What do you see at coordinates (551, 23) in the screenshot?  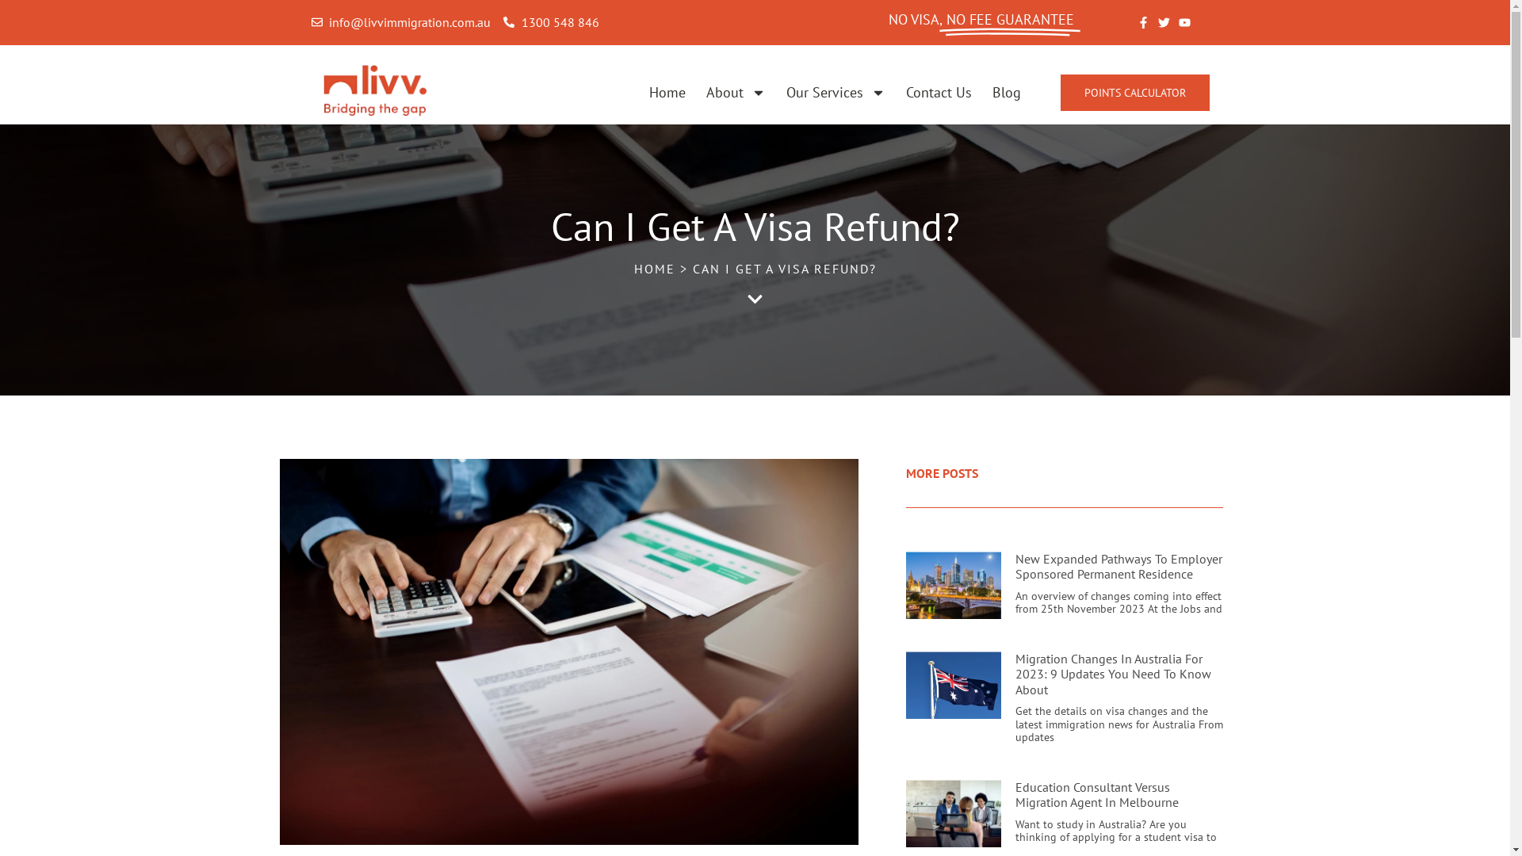 I see `'1300 548 846'` at bounding box center [551, 23].